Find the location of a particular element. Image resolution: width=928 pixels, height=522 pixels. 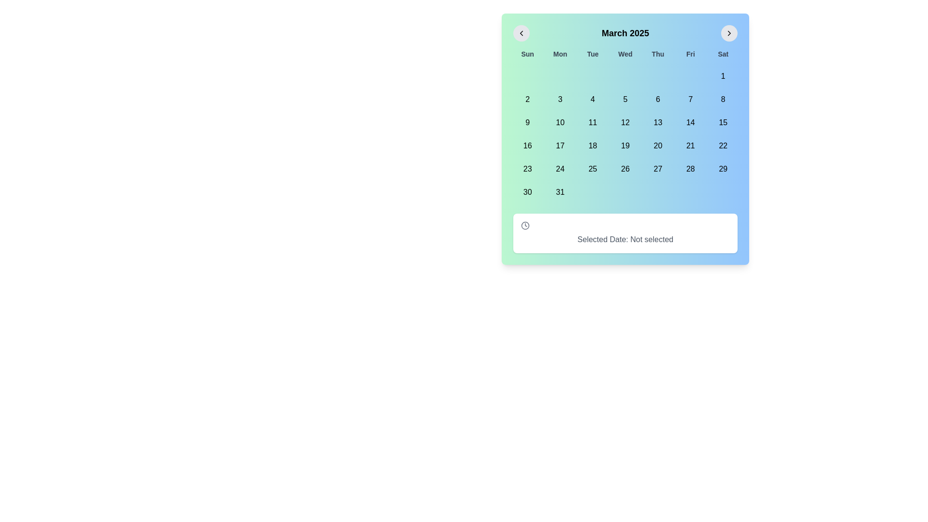

the weekday labels, which serve as a header row indicating the days of the week for the calendar dates, located directly below the title 'March 2025' is located at coordinates (625, 54).